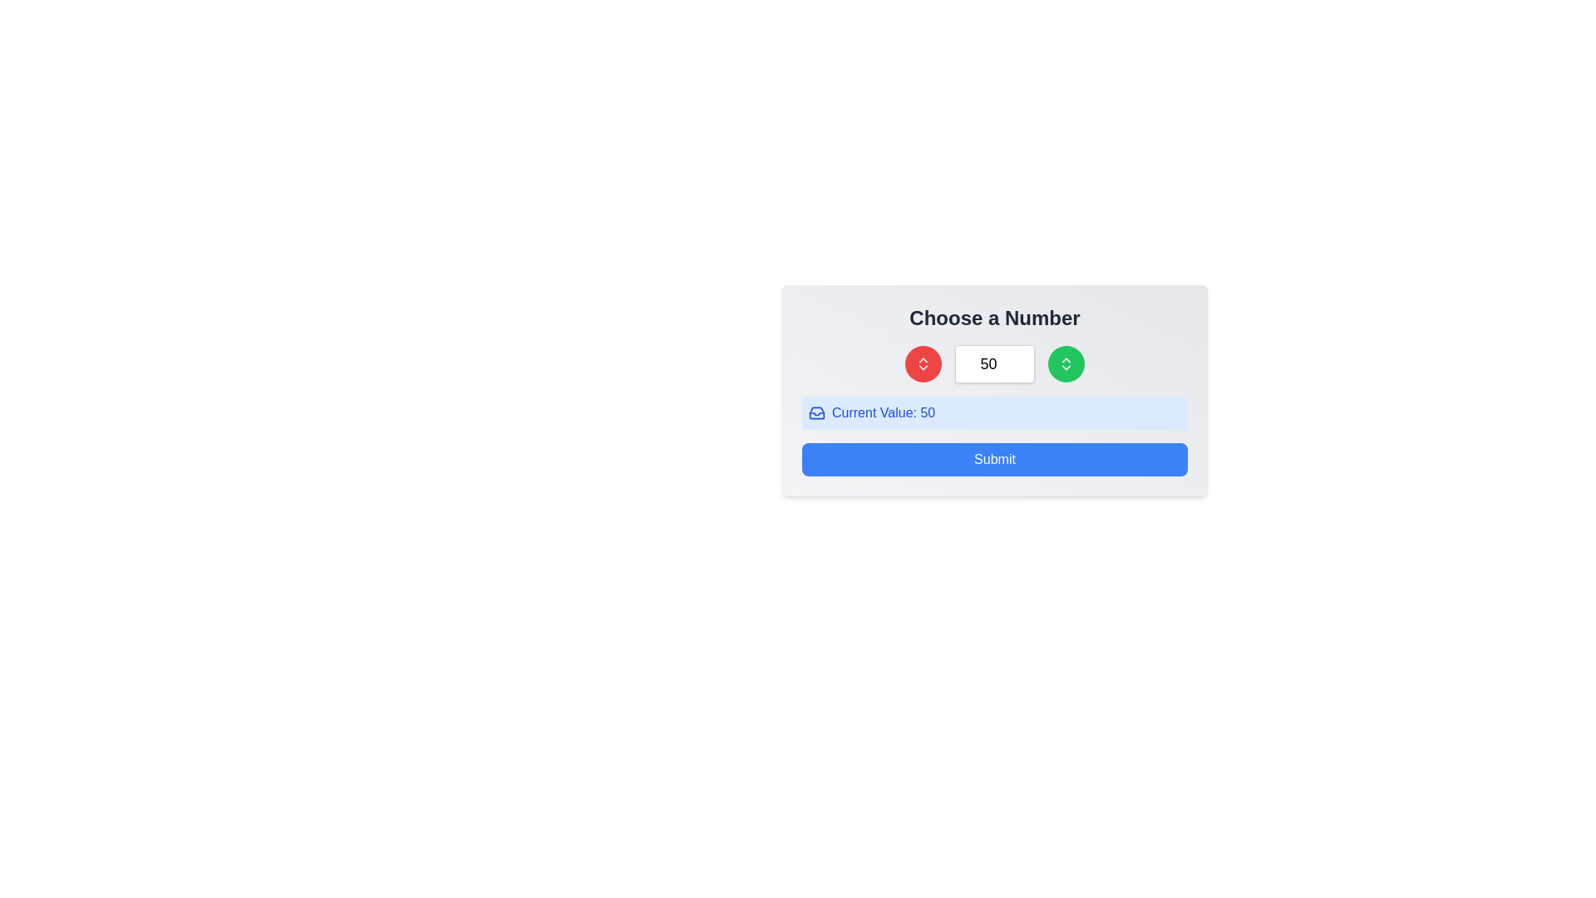  What do you see at coordinates (883, 412) in the screenshot?
I see `the text label displaying 'Current Value: 50', which is situated below the number adjustment controls labeled 'Choose a Number' and to the right of an inbox icon` at bounding box center [883, 412].